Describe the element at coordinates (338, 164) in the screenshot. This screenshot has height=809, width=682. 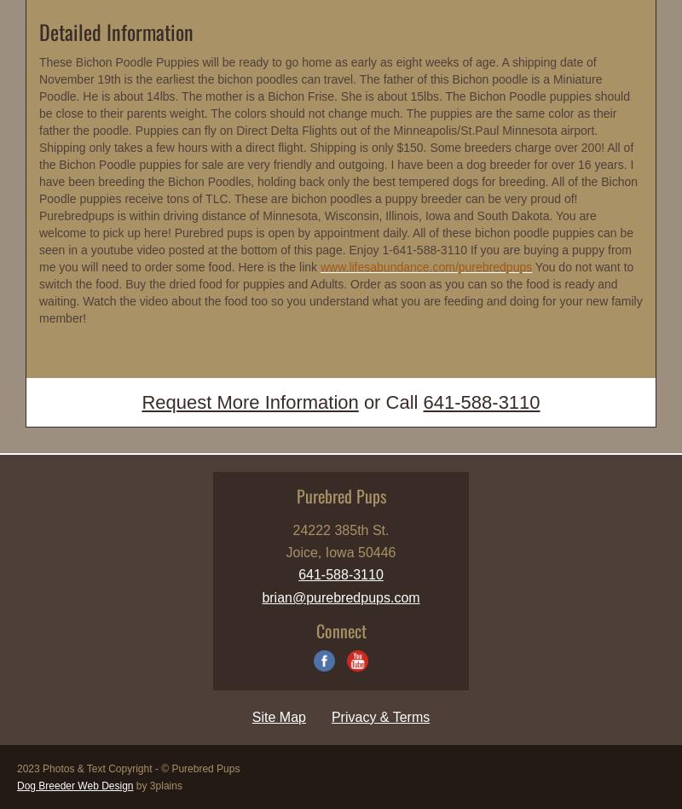
I see `'These Bichon Poodle Puppies will be ready to go home as early as eight weeks of age. A shipping date of November 19th is the earliest the bichon poodles can travel. The father of this Bichon poodle is a Miniature Poodle. He is about 14lbs. The mother is a Bichon Frise. She is about 15lbs. The Bichon Poodle puppies should be close to their parents weight. The colors should not change much. The puppies are the same color as their father the poodle. Puppies can fly on Direct Delta Flights out of the Minneapolis/St.Paul Minnesota airport. Shipping only takes a few hours with a direct flight. Shipping is only $150. Some breeders charge over 200! All of the Bichon Poodle puppies for sale are very friendly and outgoing. I have been a dog breeder for over 16 years. I have been breeding the Bichon Poodles, holding back only the best tempered dogs for breeding. All of the Bichon Poodle puppies receive tons of TLC. These are bichon poodles a puppy breeder can be very proud of! Purebredpups is within driving distance of Minnesota, Wisconsin, Illinois, Iowa and South Dakota. You are welcome to pick up here! Purebred pups is open by appointment daily. All of these bichon poodle puppies can be seen in a youtube video posted at the bottom of this page. Enjoy 1-641-588-3110 If you are buying a puppy from me you will need to order some food. Here is the link'` at that location.